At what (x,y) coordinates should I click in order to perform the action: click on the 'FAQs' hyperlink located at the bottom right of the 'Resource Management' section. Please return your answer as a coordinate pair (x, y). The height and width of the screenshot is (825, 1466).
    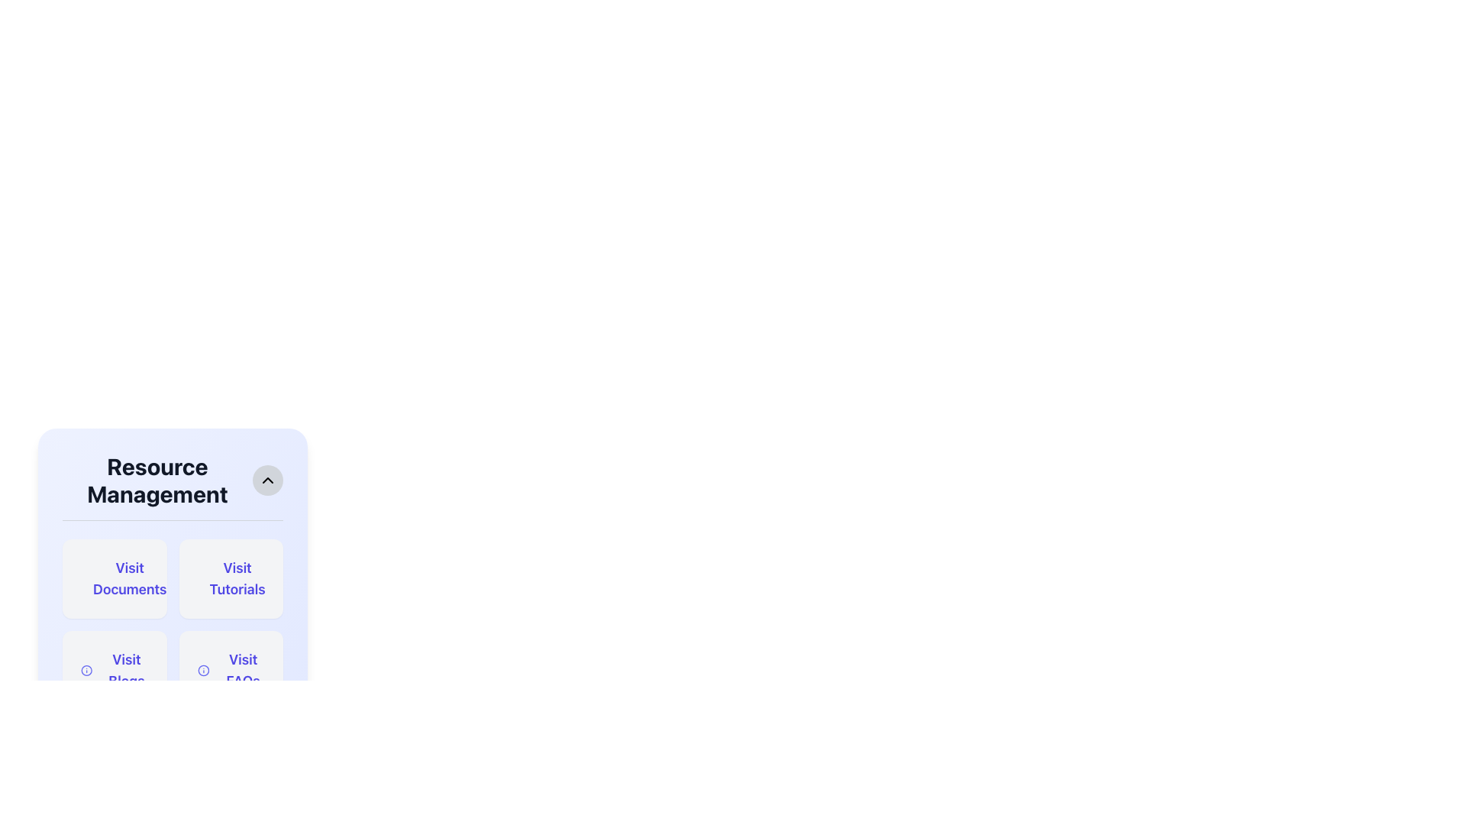
    Looking at the image, I should click on (242, 670).